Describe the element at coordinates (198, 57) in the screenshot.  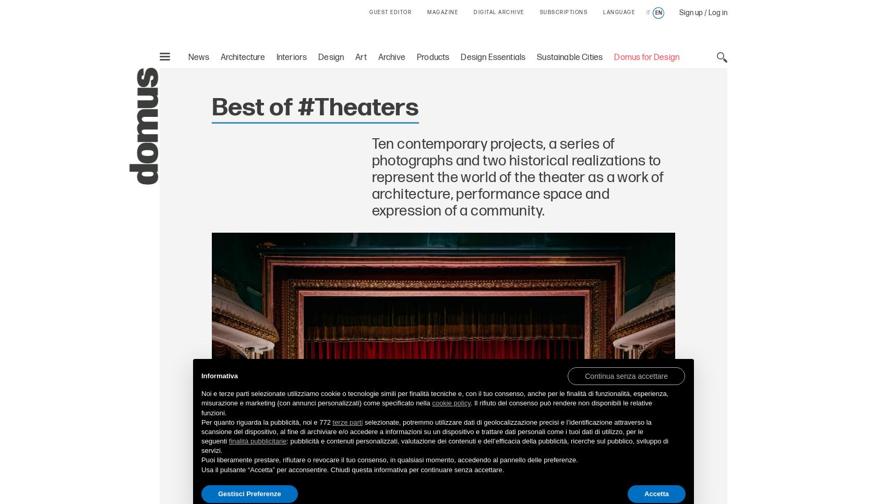
I see `'News'` at that location.